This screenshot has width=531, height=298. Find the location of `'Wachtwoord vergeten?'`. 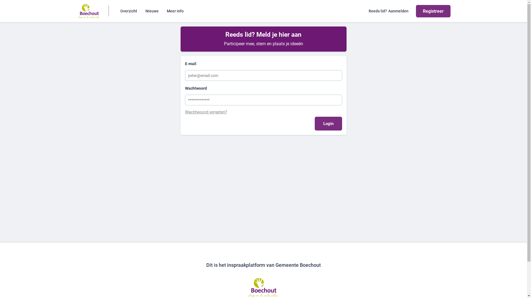

'Wachtwoord vergeten?' is located at coordinates (263, 112).